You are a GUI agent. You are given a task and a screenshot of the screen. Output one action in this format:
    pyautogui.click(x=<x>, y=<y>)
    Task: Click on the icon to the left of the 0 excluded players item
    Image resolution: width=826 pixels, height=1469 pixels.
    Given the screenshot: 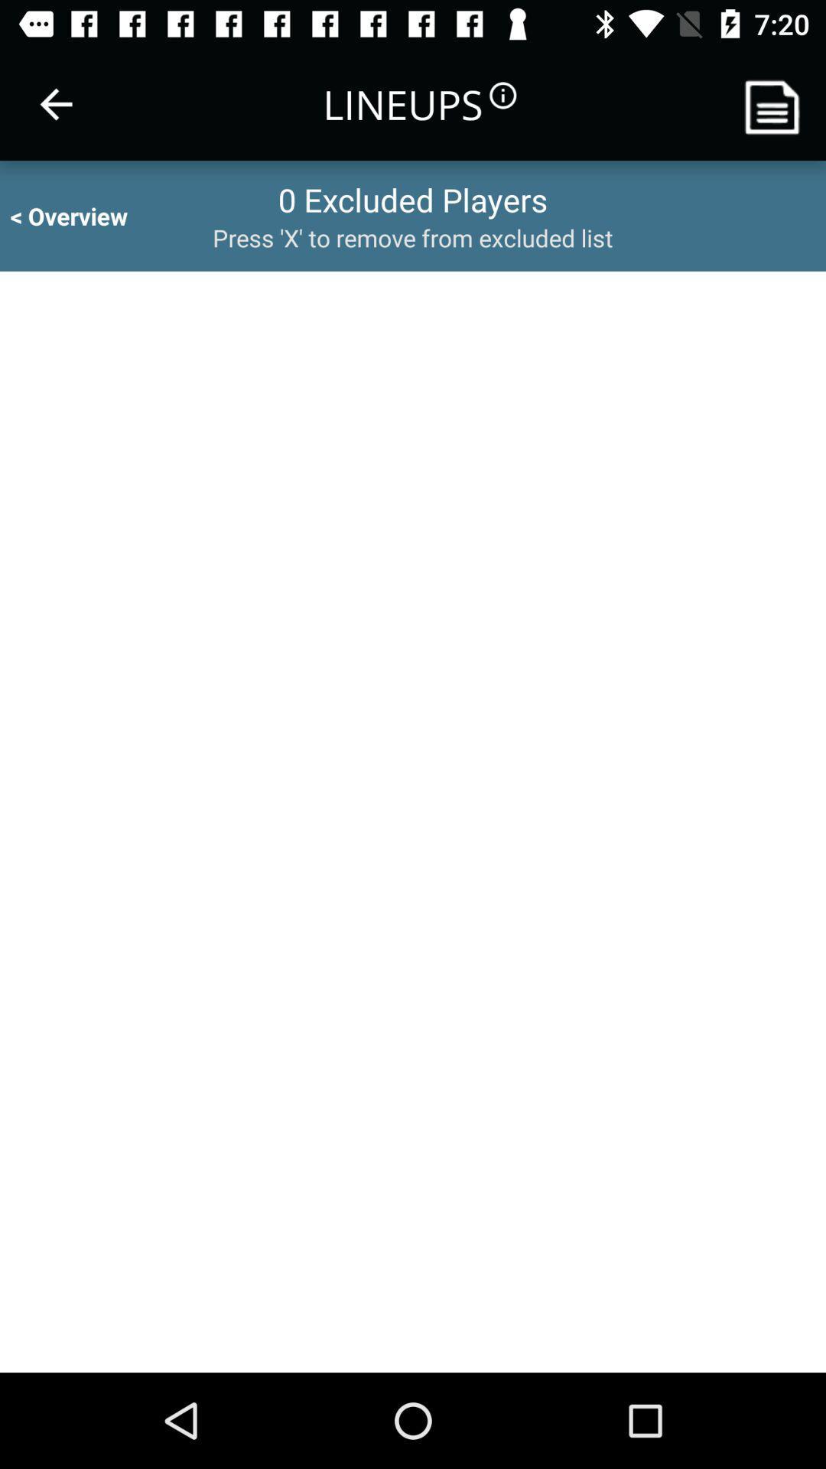 What is the action you would take?
    pyautogui.click(x=83, y=215)
    